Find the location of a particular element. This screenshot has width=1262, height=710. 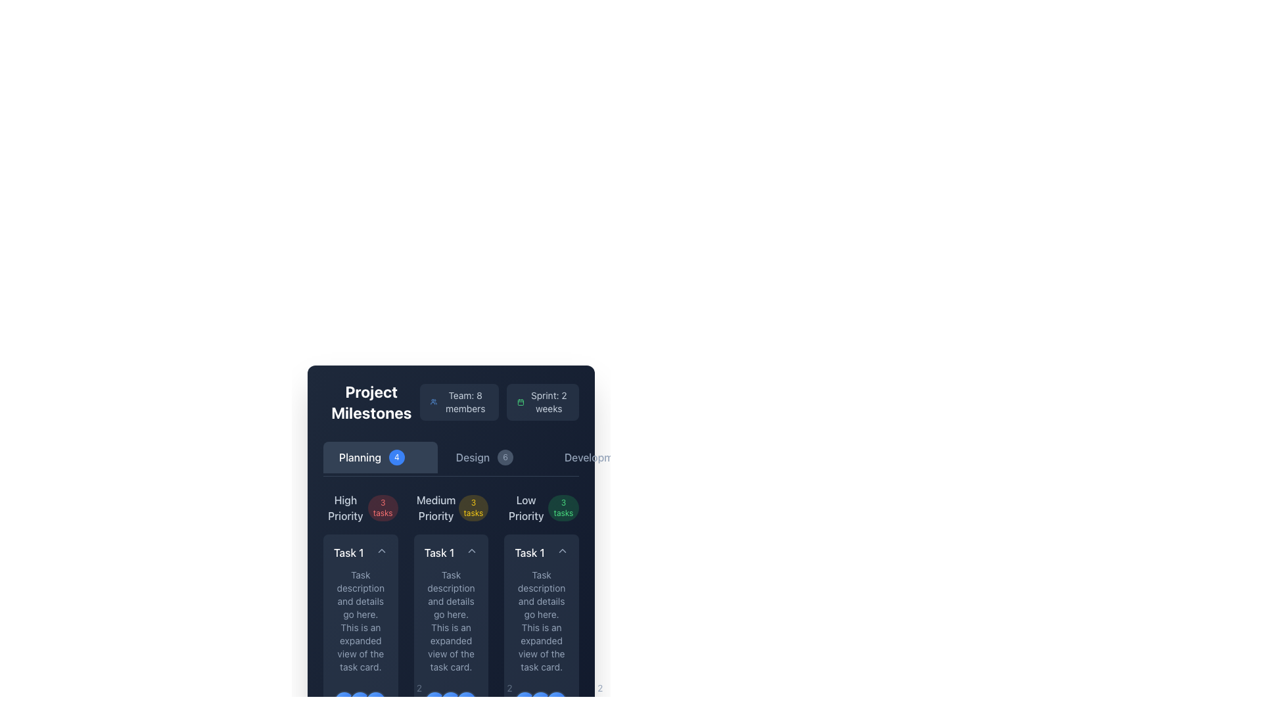

the user group icon located at the top portion of the interface, adjacent to the text 'Team: 8 members' is located at coordinates (434, 402).